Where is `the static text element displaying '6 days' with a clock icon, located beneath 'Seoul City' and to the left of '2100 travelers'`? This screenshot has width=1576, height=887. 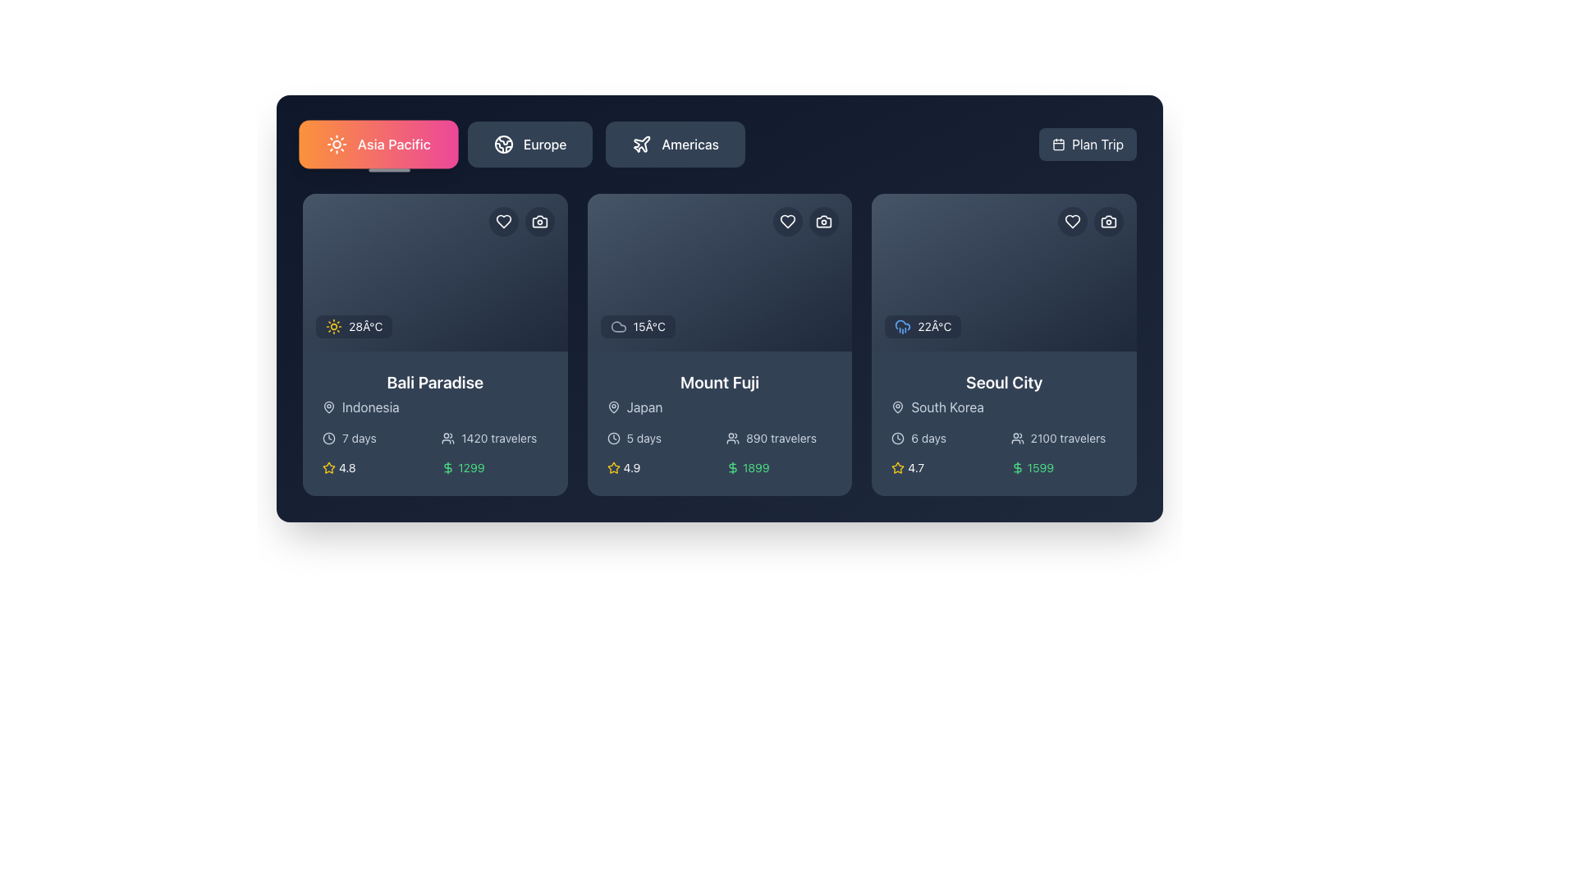 the static text element displaying '6 days' with a clock icon, located beneath 'Seoul City' and to the left of '2100 travelers' is located at coordinates (945, 437).